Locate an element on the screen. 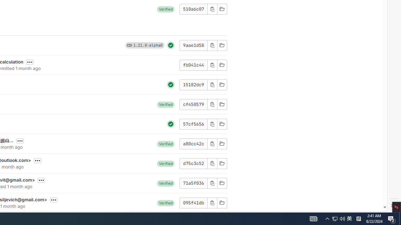  'Class: s16' is located at coordinates (222, 202).